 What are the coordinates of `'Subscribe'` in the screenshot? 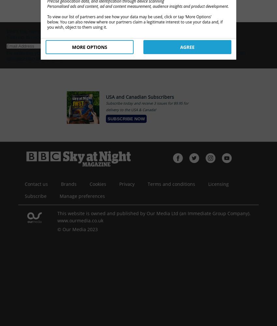 It's located at (24, 196).